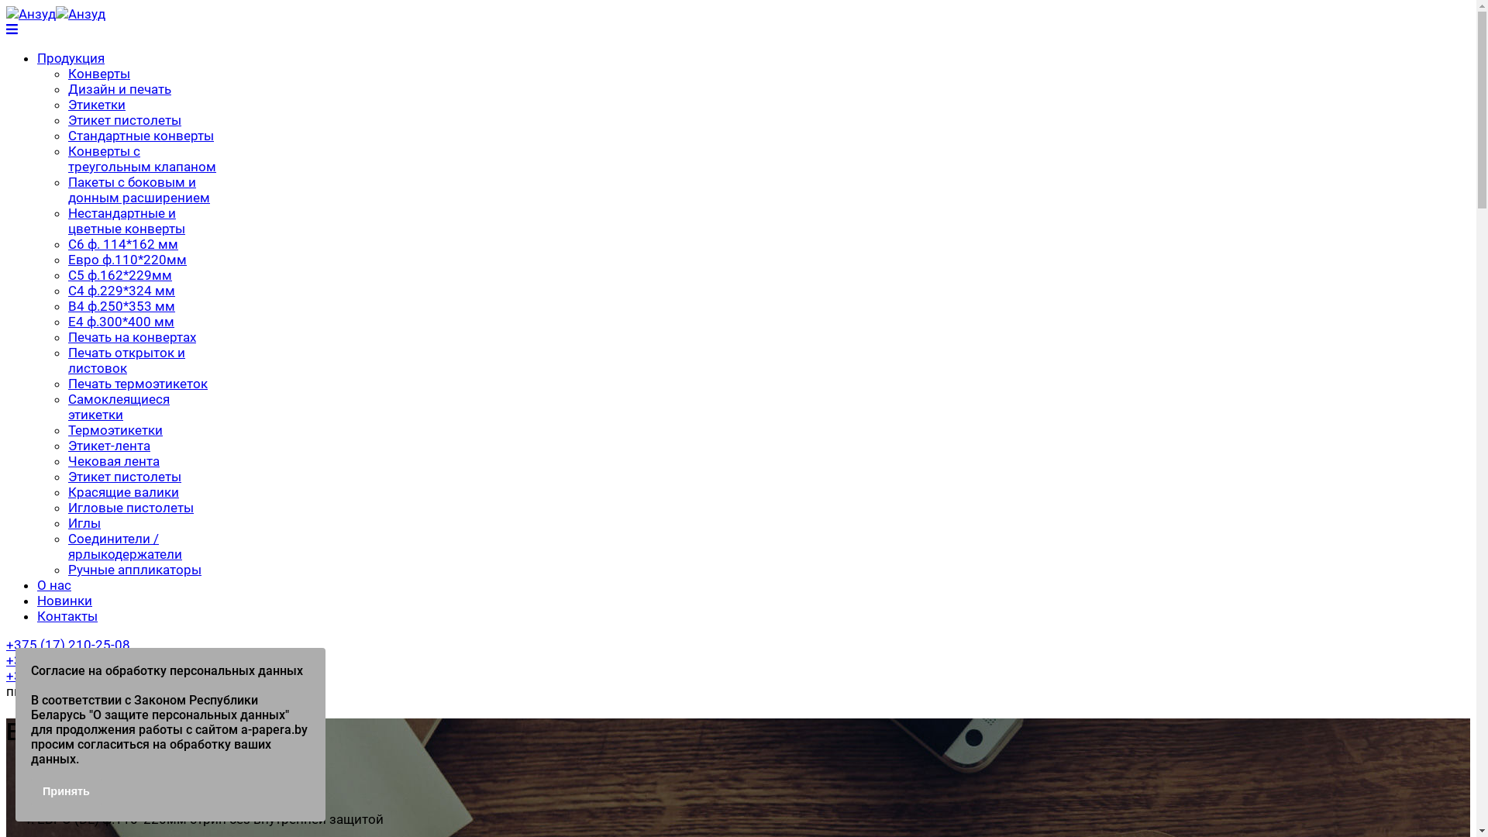  What do you see at coordinates (67, 660) in the screenshot?
I see `'+375 (29) 375-55-08'` at bounding box center [67, 660].